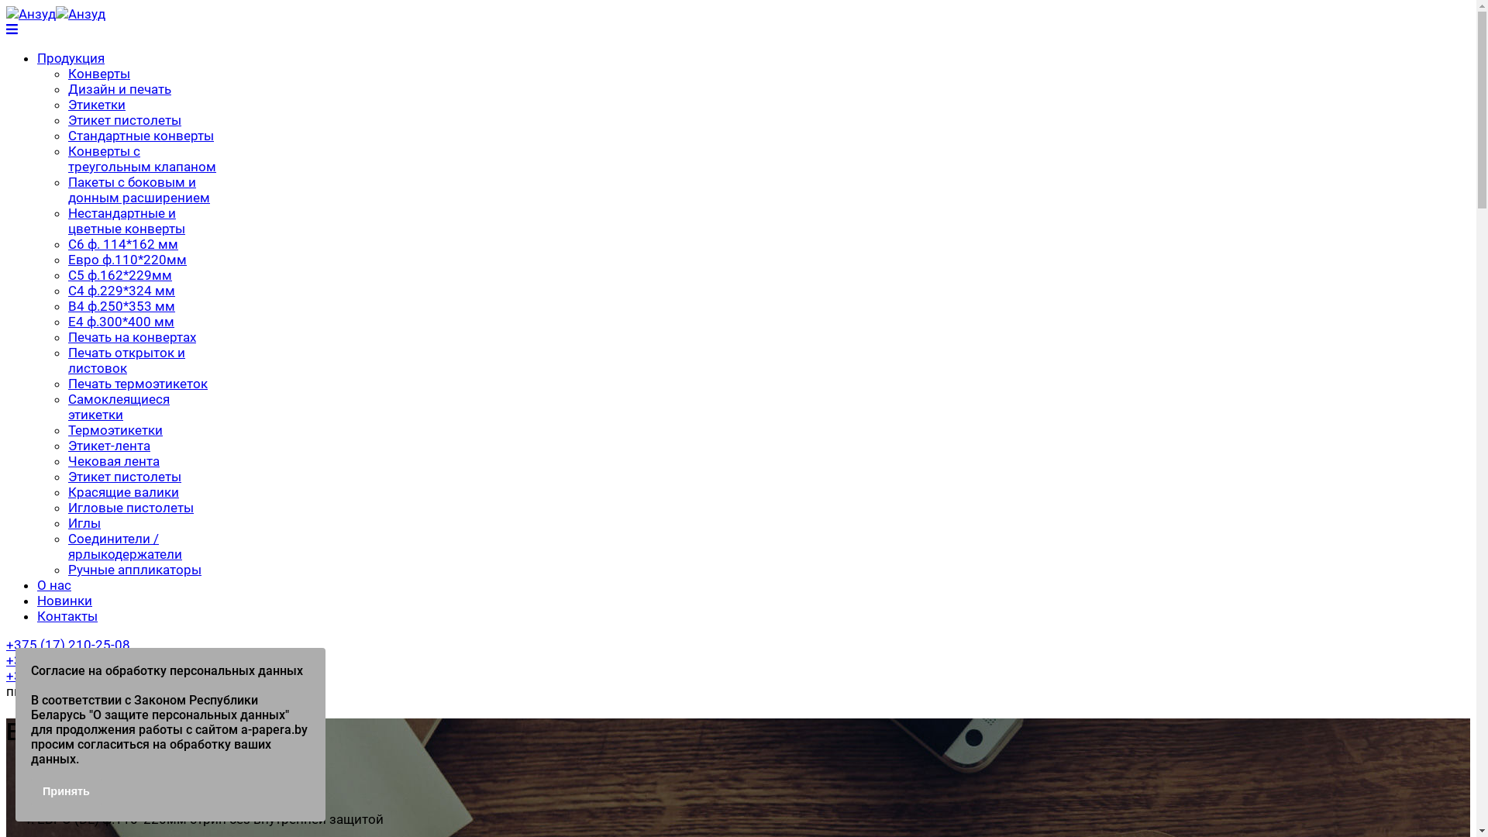  What do you see at coordinates (67, 660) in the screenshot?
I see `'+375 (29) 375-55-08'` at bounding box center [67, 660].